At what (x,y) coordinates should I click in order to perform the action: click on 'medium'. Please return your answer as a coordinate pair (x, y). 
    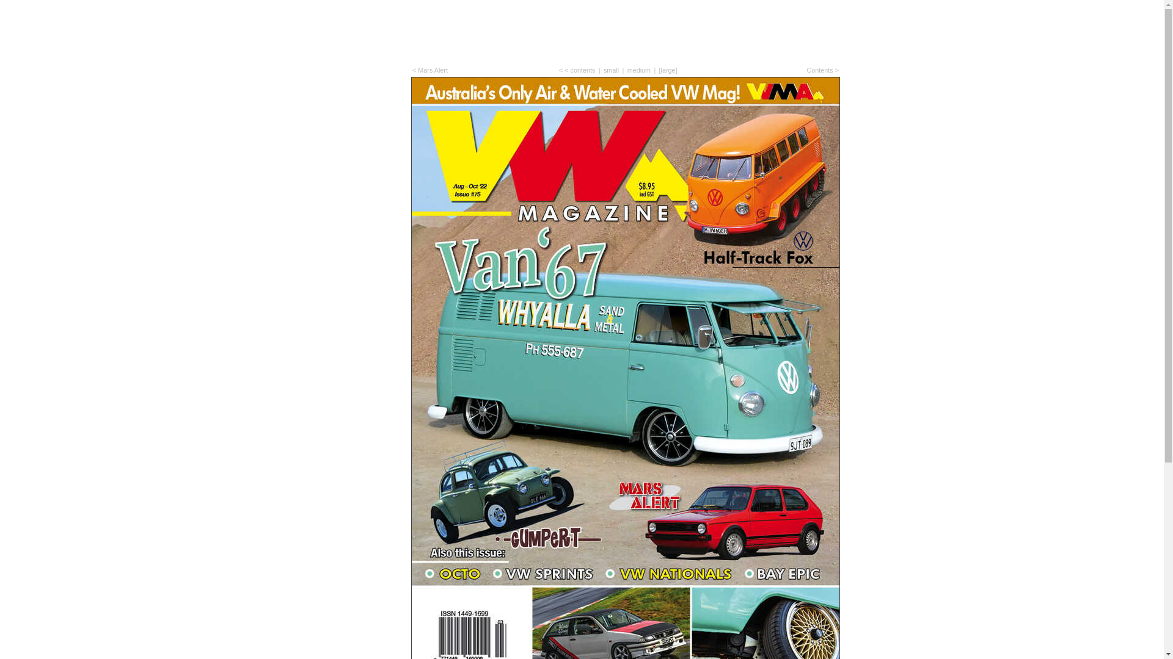
    Looking at the image, I should click on (638, 70).